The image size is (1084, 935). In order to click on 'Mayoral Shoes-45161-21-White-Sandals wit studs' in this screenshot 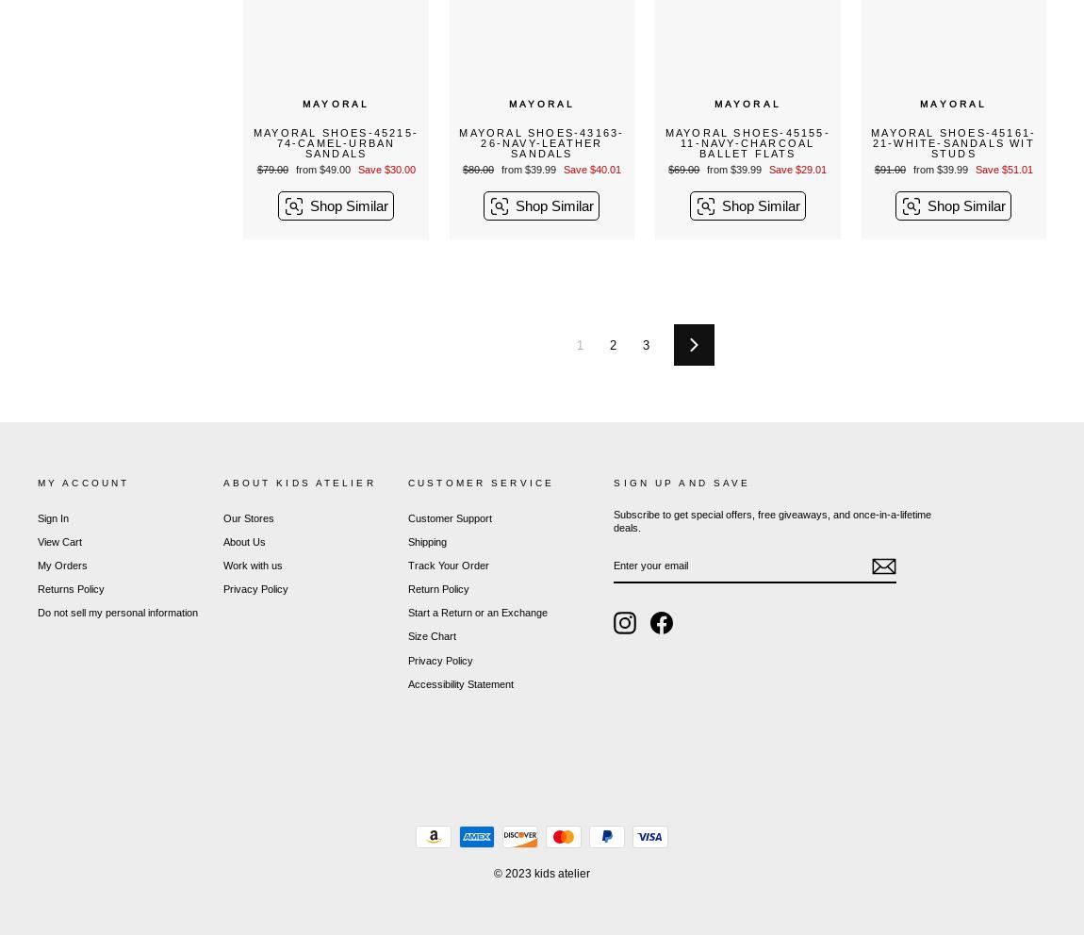, I will do `click(953, 141)`.